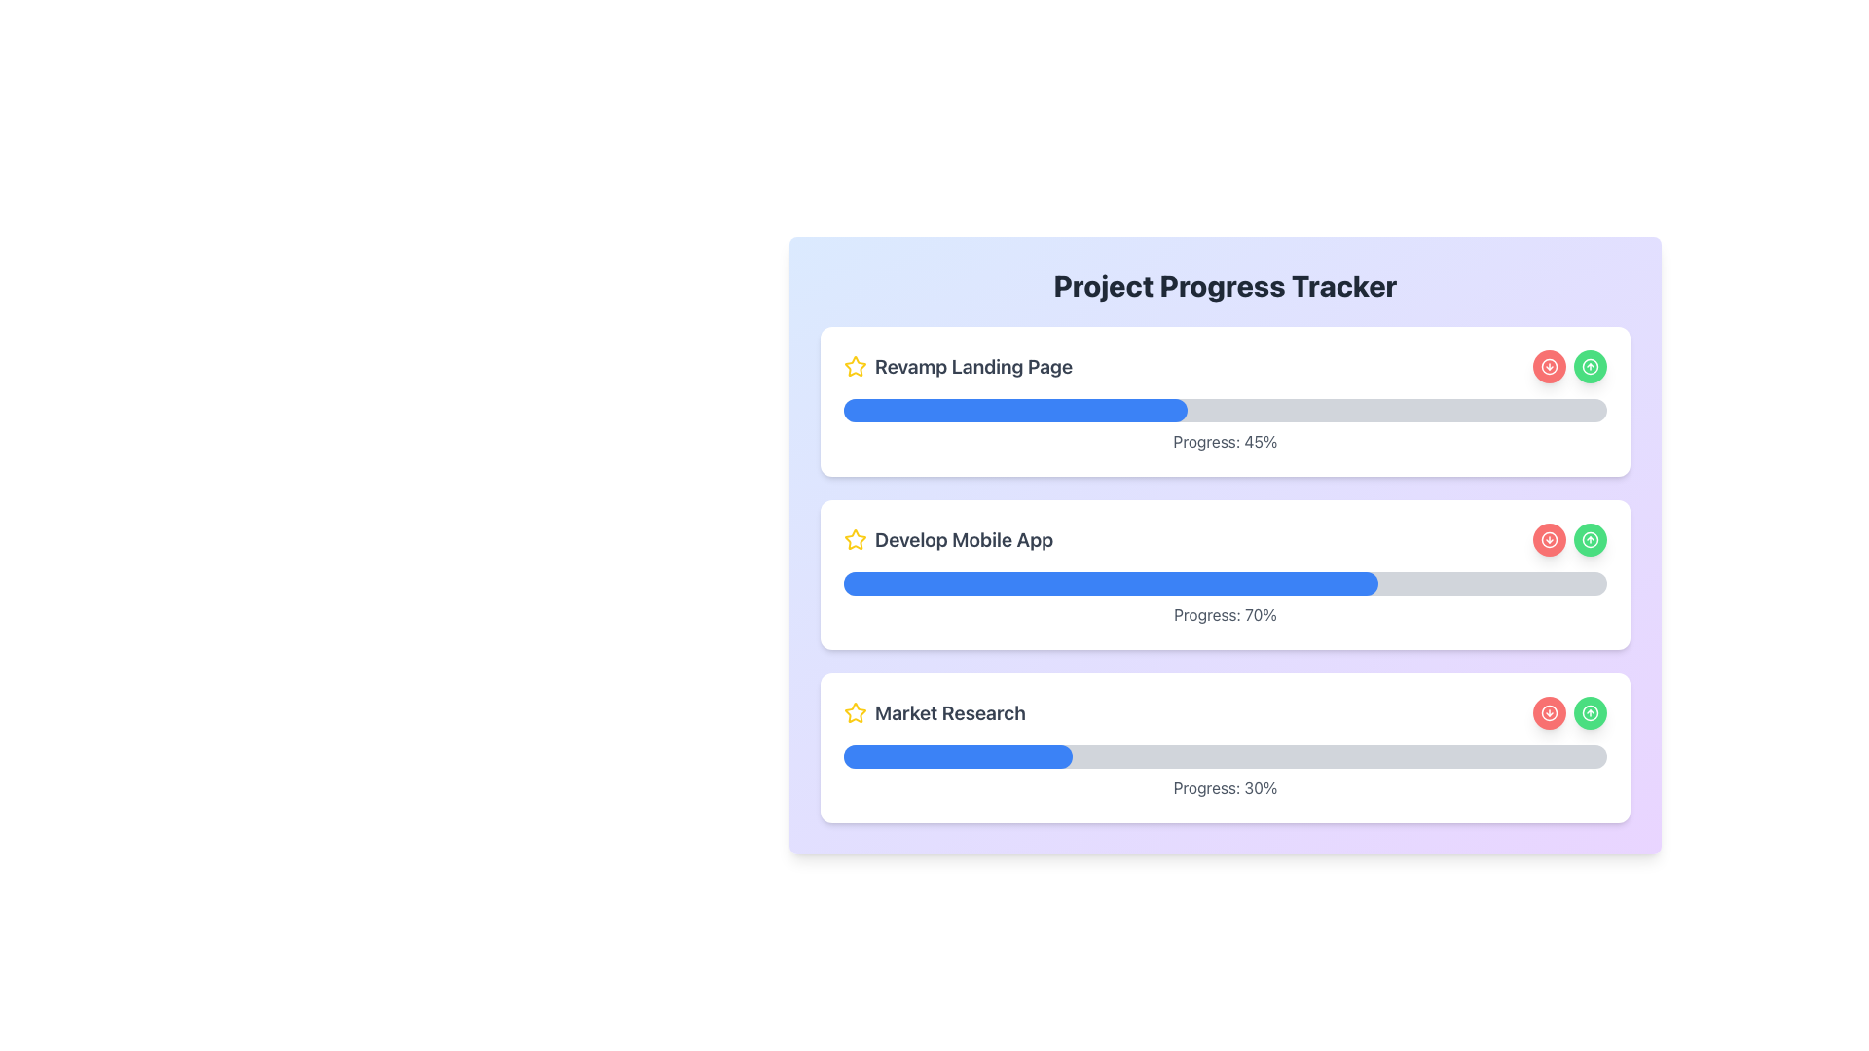  What do you see at coordinates (1549, 712) in the screenshot?
I see `the action button located to the right of the 'Market Research' progress bar` at bounding box center [1549, 712].